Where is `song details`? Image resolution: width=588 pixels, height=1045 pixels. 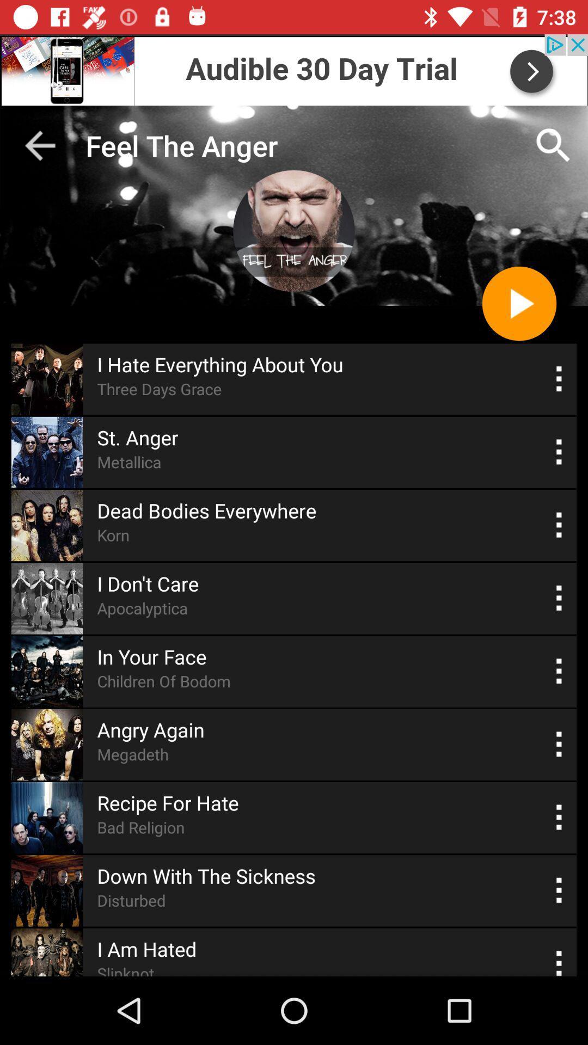
song details is located at coordinates (559, 671).